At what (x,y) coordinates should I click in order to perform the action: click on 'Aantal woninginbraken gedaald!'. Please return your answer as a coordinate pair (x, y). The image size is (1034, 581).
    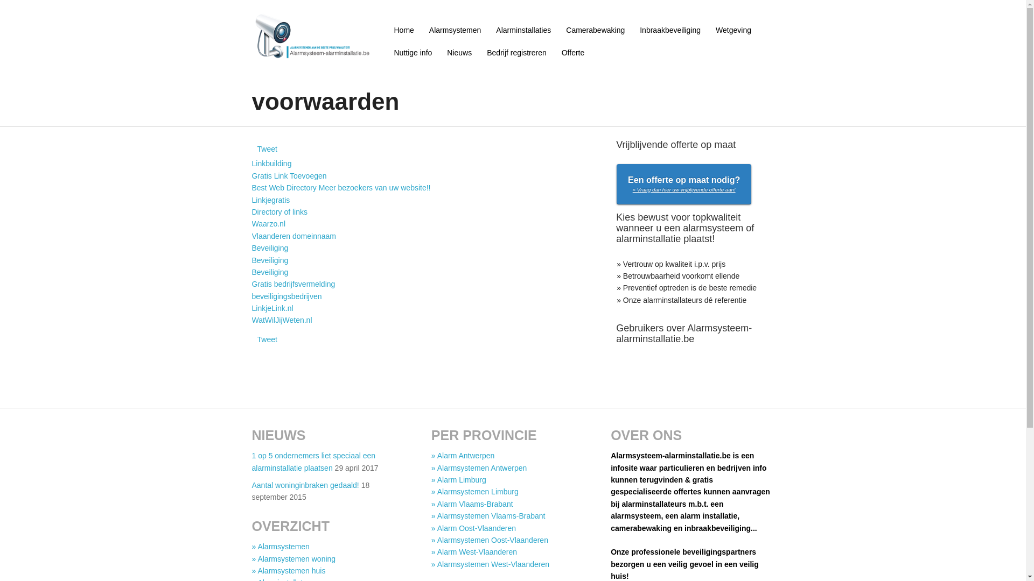
    Looking at the image, I should click on (251, 485).